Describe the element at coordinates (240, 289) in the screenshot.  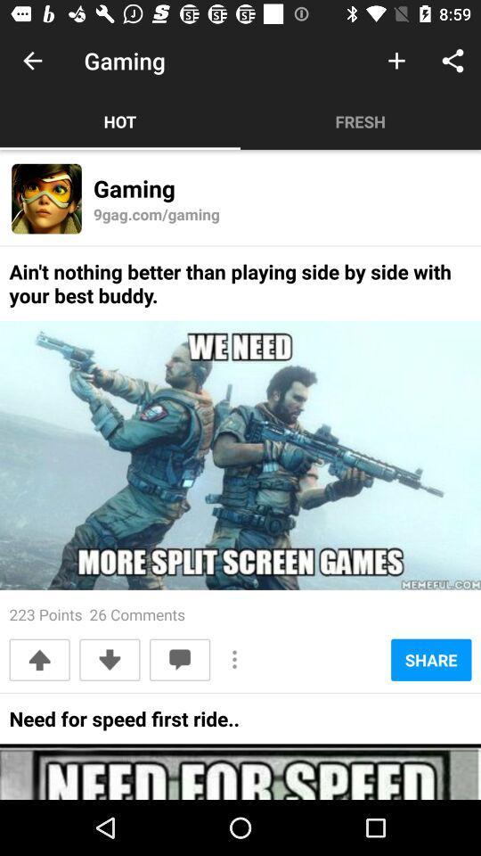
I see `the ain t nothing item` at that location.